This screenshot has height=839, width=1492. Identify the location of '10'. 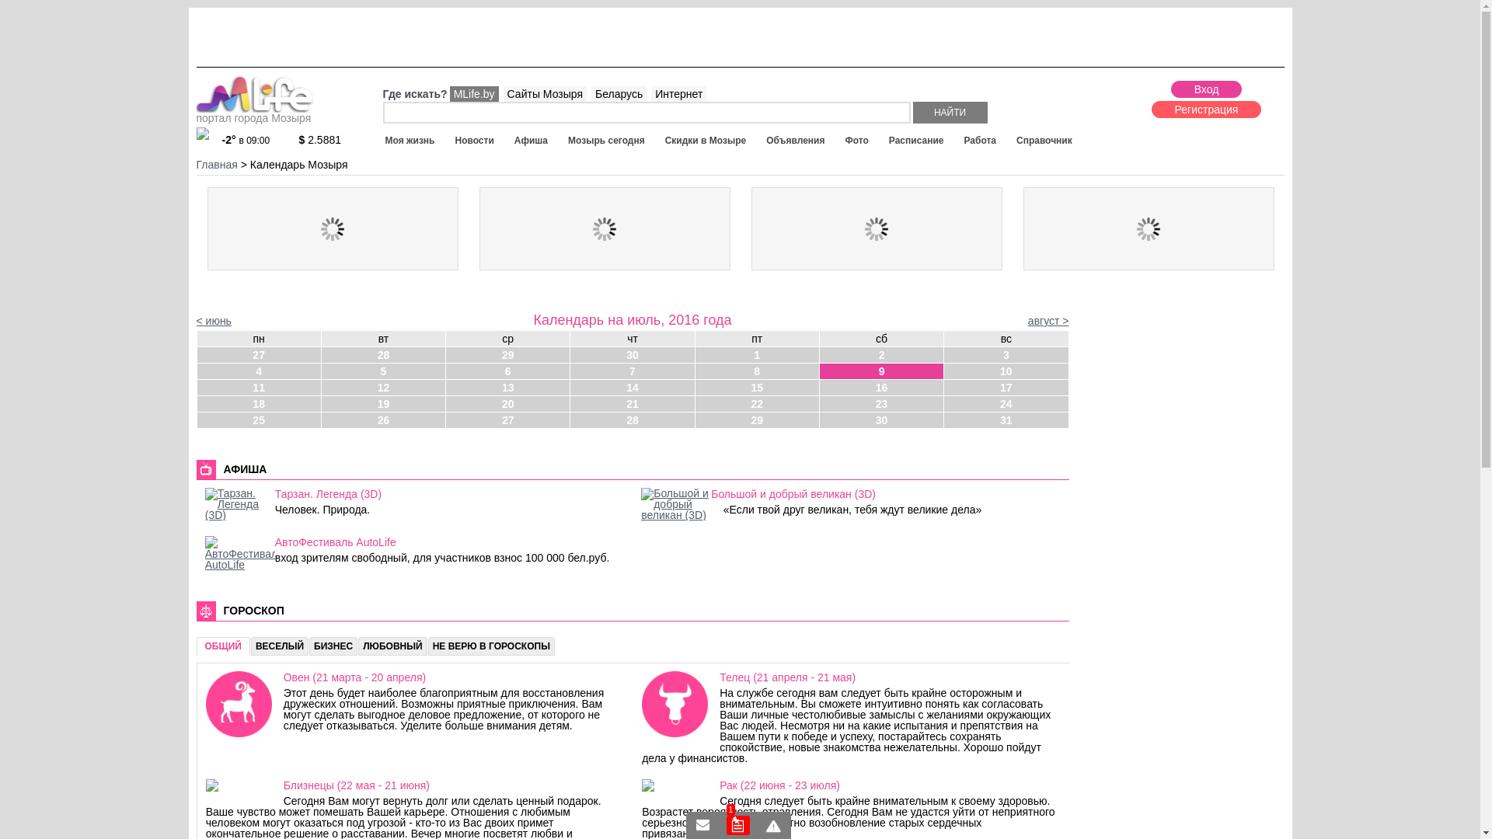
(943, 371).